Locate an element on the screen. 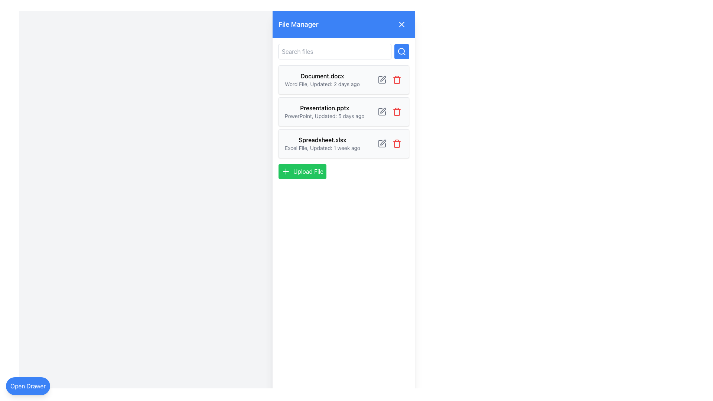 The height and width of the screenshot is (401, 713). the red trash can icon button, which is the rightmost control in the file management interface for deleting a file is located at coordinates (397, 111).